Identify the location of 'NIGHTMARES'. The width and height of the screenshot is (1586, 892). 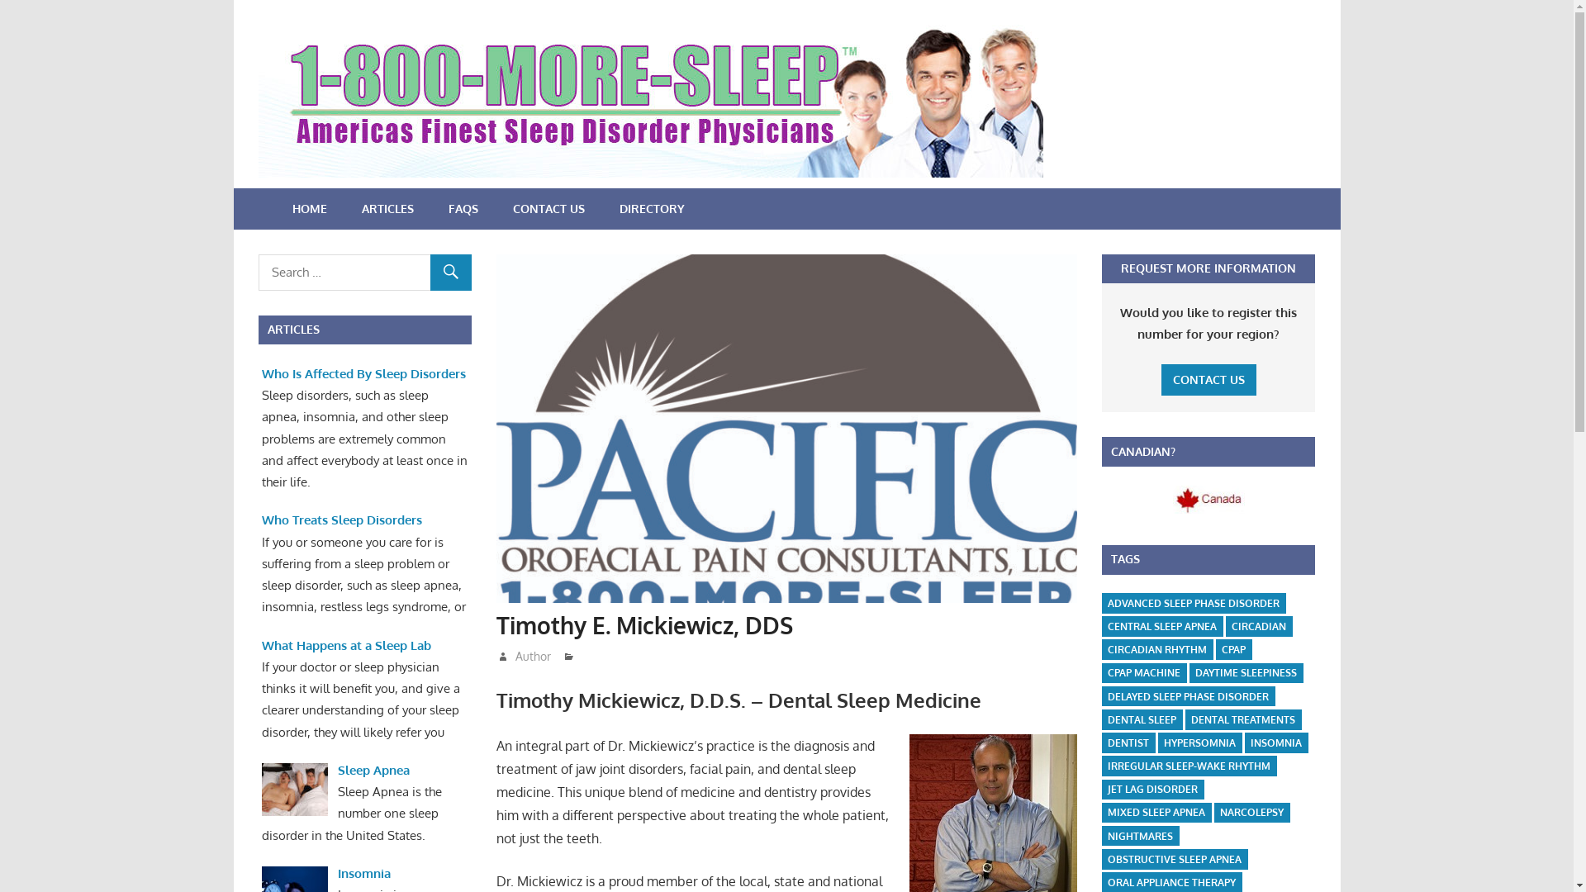
(1139, 836).